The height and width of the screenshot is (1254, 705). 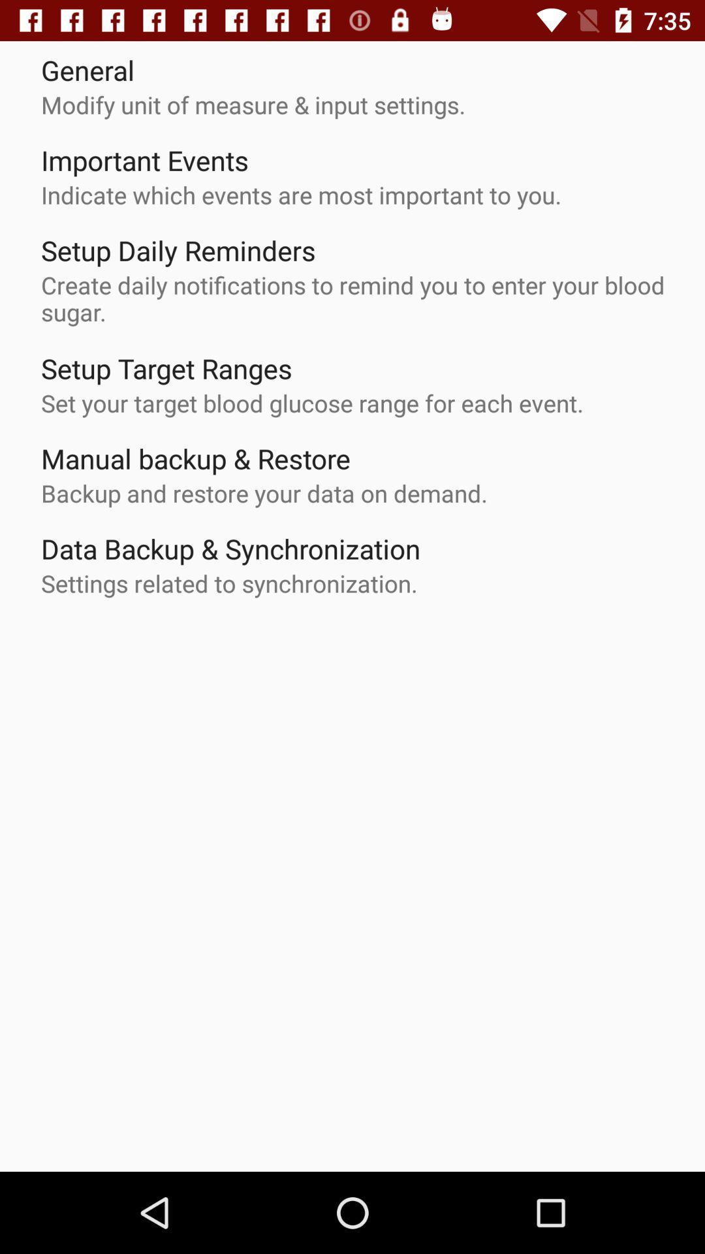 What do you see at coordinates (312, 402) in the screenshot?
I see `set your target` at bounding box center [312, 402].